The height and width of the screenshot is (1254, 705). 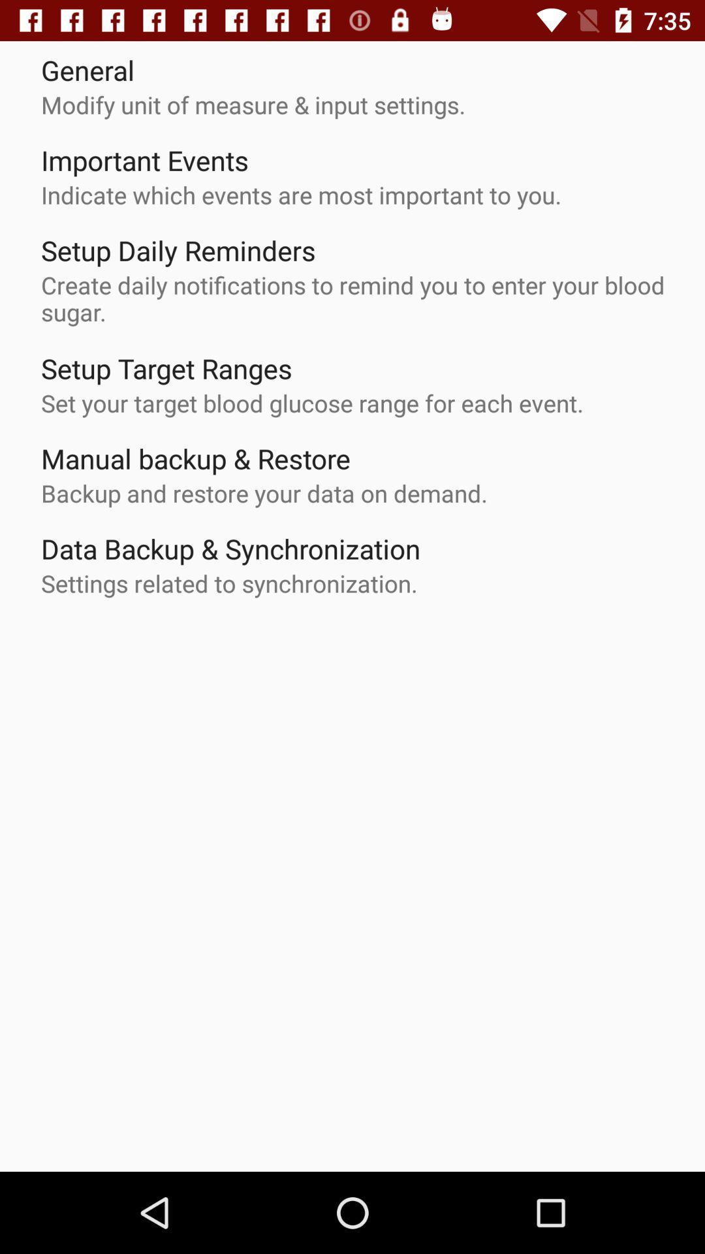 What do you see at coordinates (312, 402) in the screenshot?
I see `set your target` at bounding box center [312, 402].